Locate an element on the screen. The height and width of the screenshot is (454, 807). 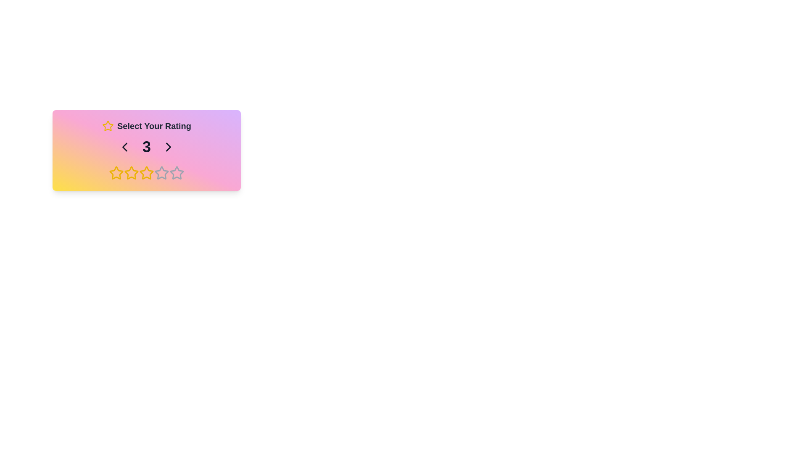
the Icon Button located to the right of the displayed number '3' is located at coordinates (168, 147).